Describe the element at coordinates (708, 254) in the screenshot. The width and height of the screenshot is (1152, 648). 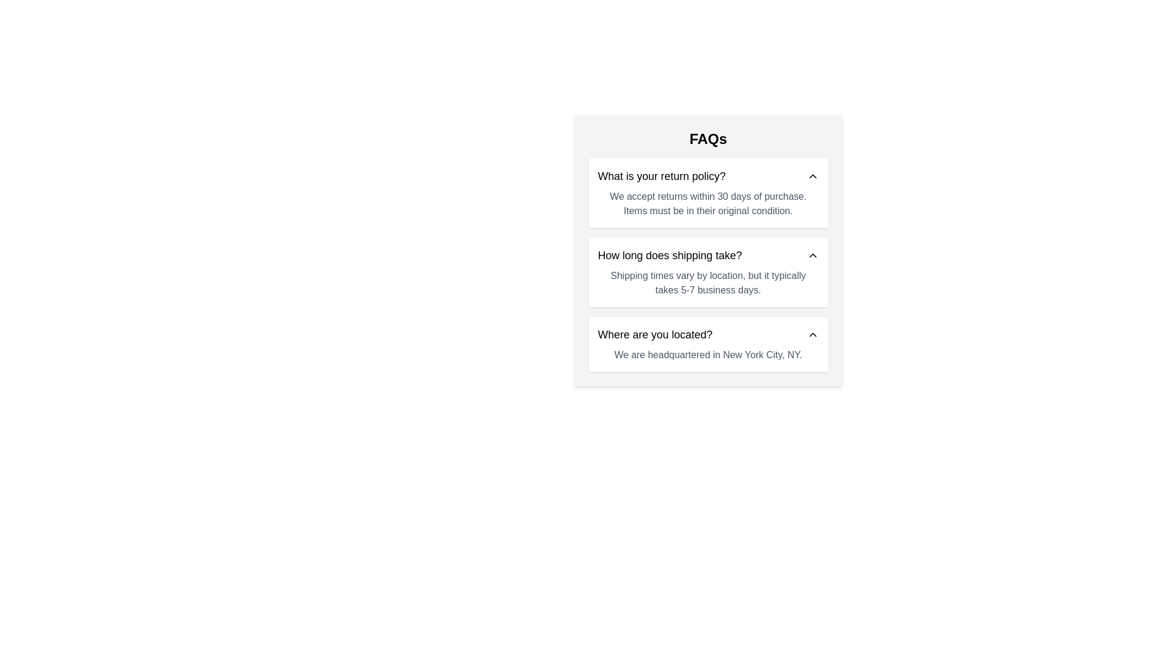
I see `the second FAQ entry header` at that location.